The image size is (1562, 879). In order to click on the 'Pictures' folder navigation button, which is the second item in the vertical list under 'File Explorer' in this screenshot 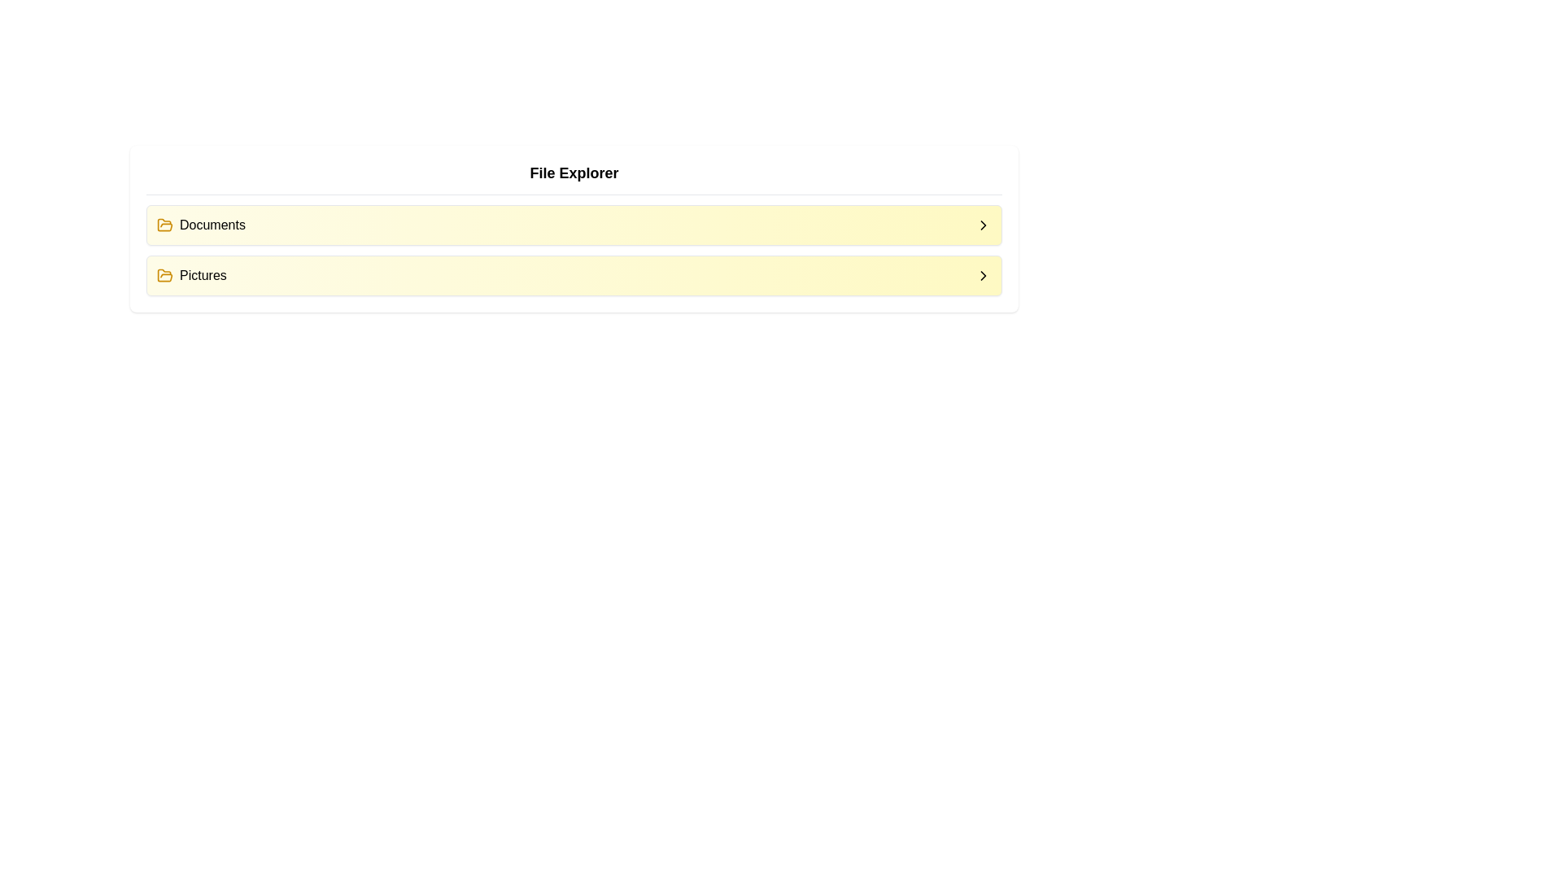, I will do `click(574, 275)`.